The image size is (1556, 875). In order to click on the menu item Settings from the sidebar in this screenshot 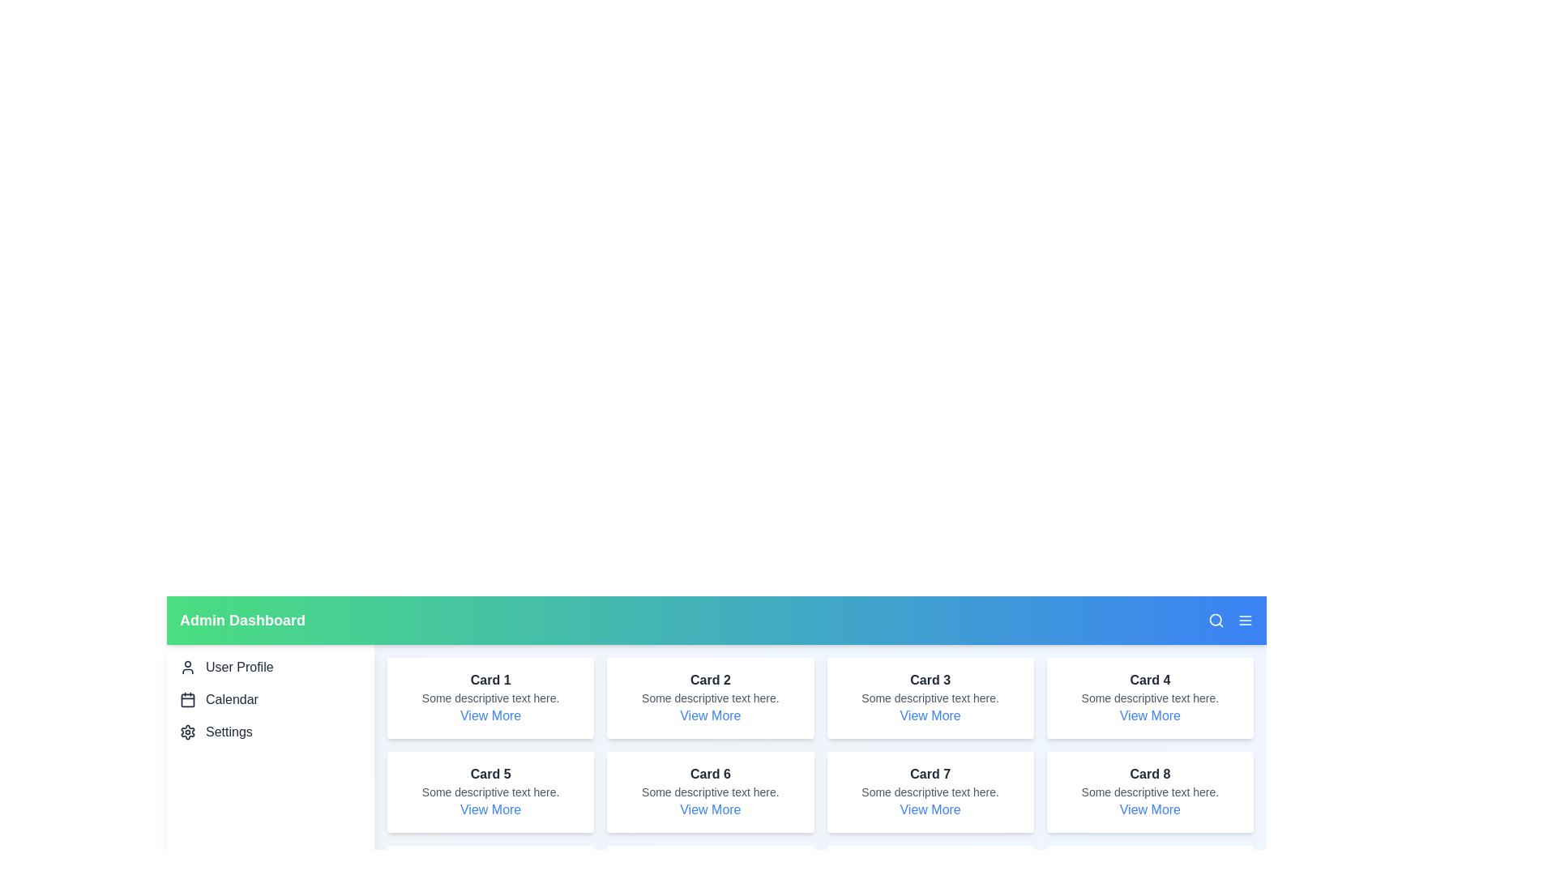, I will do `click(271, 732)`.